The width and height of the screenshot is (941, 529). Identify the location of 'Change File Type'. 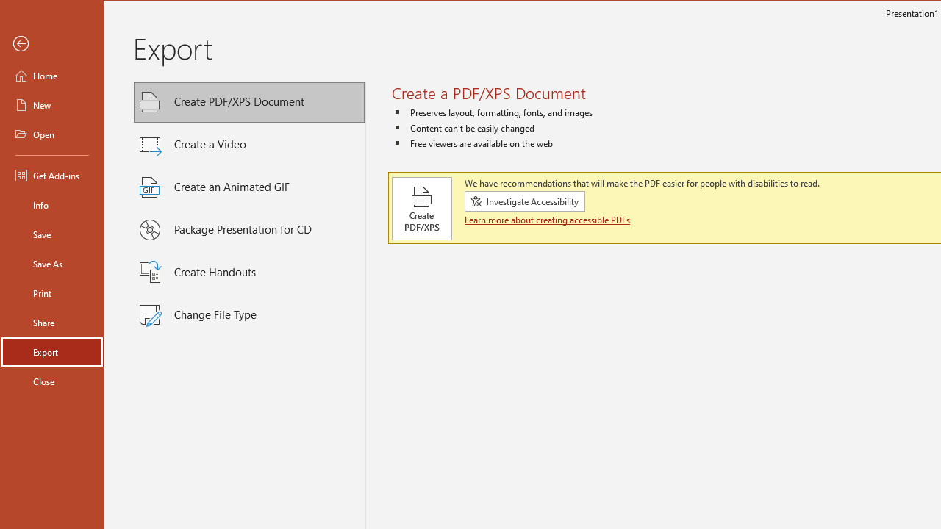
(249, 314).